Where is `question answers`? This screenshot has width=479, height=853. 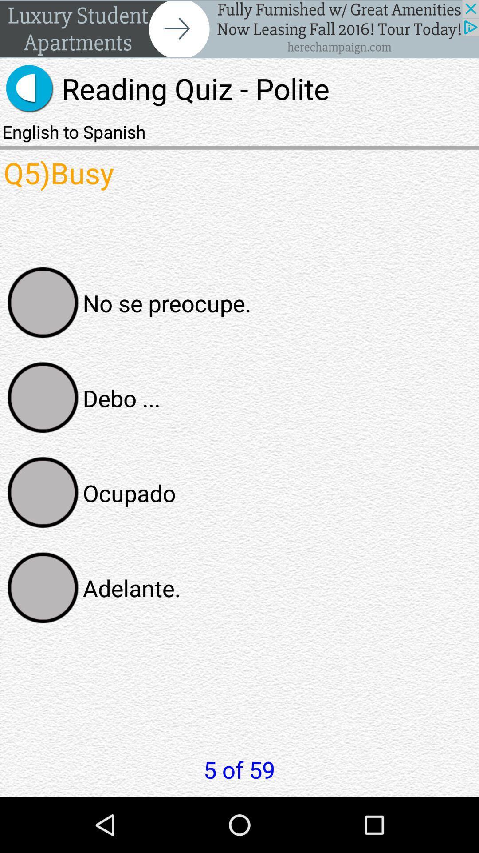 question answers is located at coordinates (43, 397).